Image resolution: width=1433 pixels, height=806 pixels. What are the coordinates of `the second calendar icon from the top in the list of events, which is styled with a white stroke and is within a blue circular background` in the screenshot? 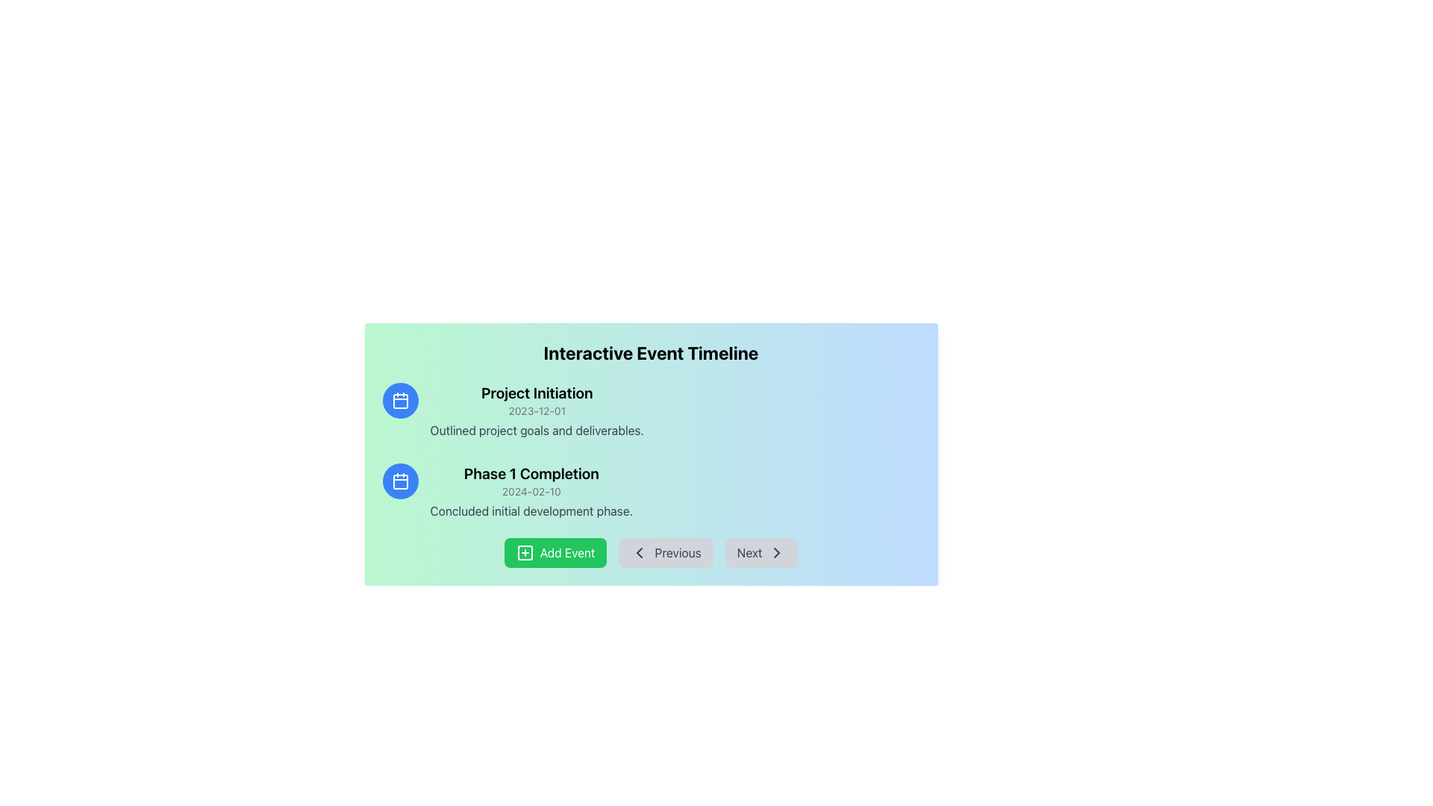 It's located at (400, 481).